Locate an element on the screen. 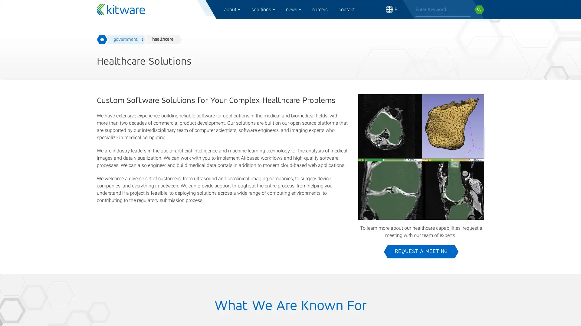 This screenshot has height=326, width=581. Search is located at coordinates (479, 9).